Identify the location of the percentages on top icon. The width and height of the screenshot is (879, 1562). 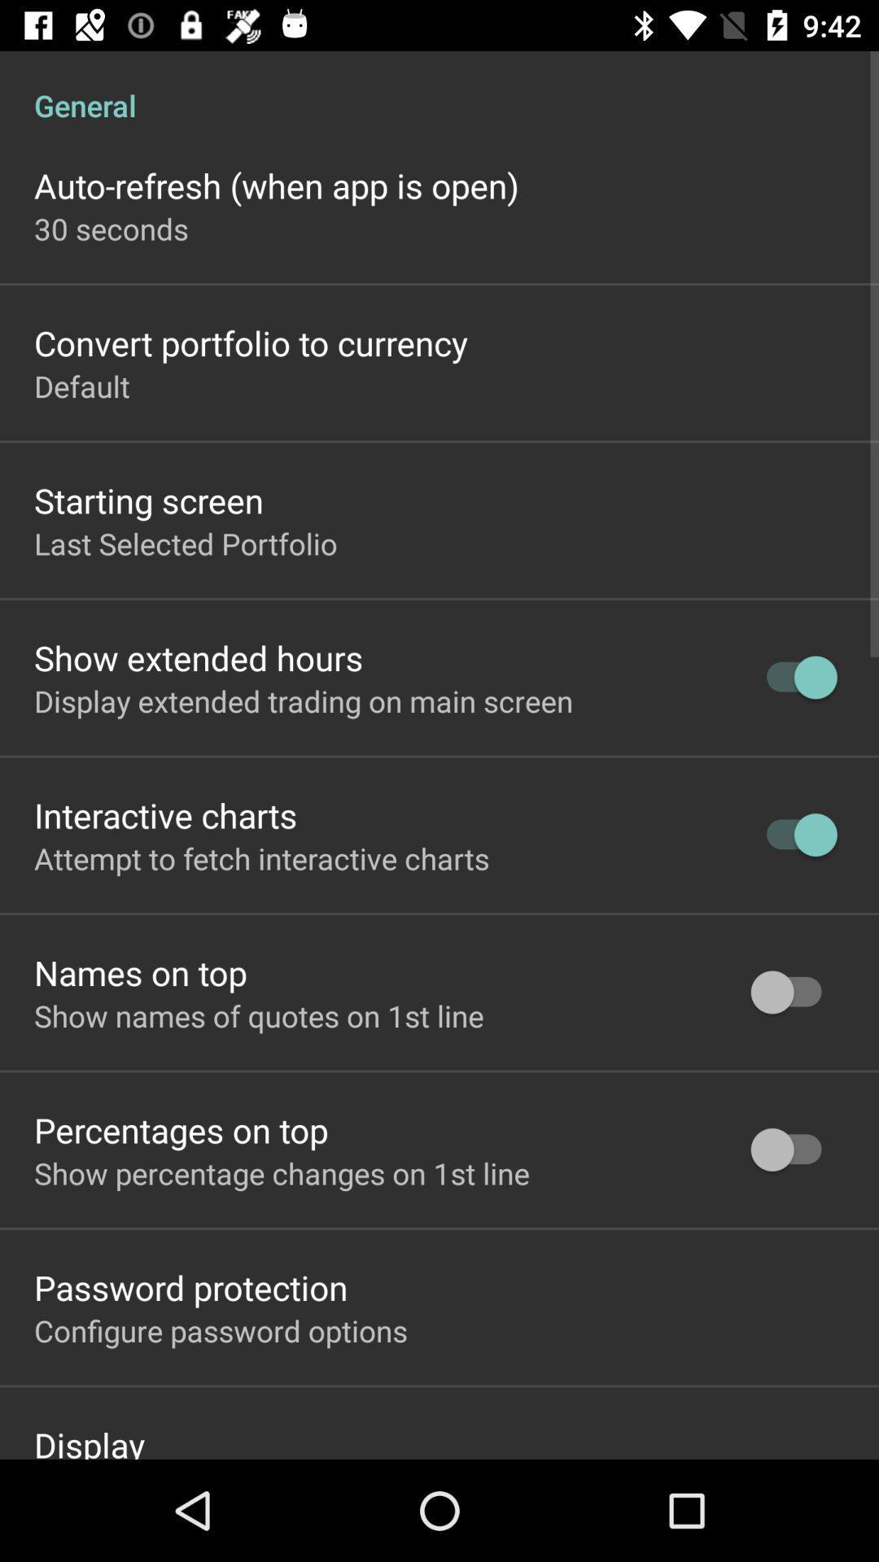
(181, 1128).